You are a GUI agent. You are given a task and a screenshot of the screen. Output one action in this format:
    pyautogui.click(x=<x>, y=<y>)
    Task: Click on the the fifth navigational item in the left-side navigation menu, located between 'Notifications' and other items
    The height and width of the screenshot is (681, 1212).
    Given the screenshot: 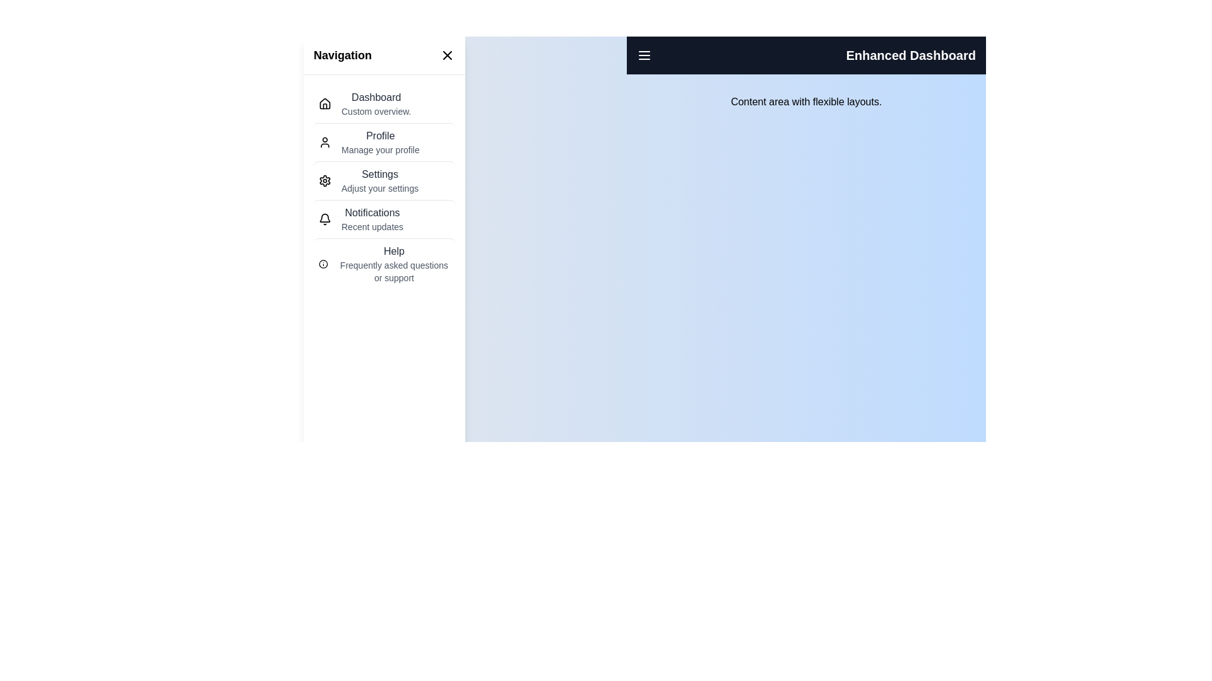 What is the action you would take?
    pyautogui.click(x=393, y=264)
    